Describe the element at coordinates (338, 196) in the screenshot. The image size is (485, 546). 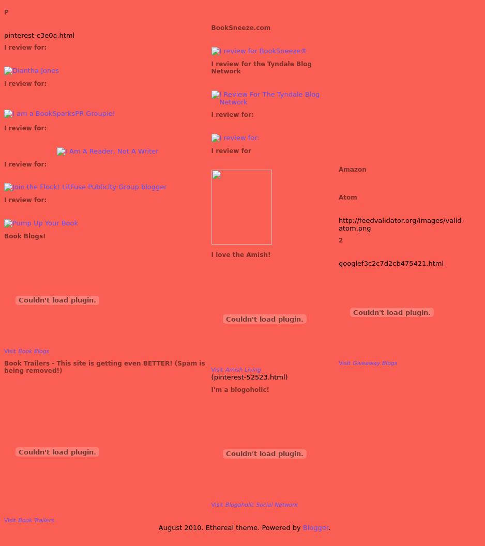
I see `'Atom'` at that location.